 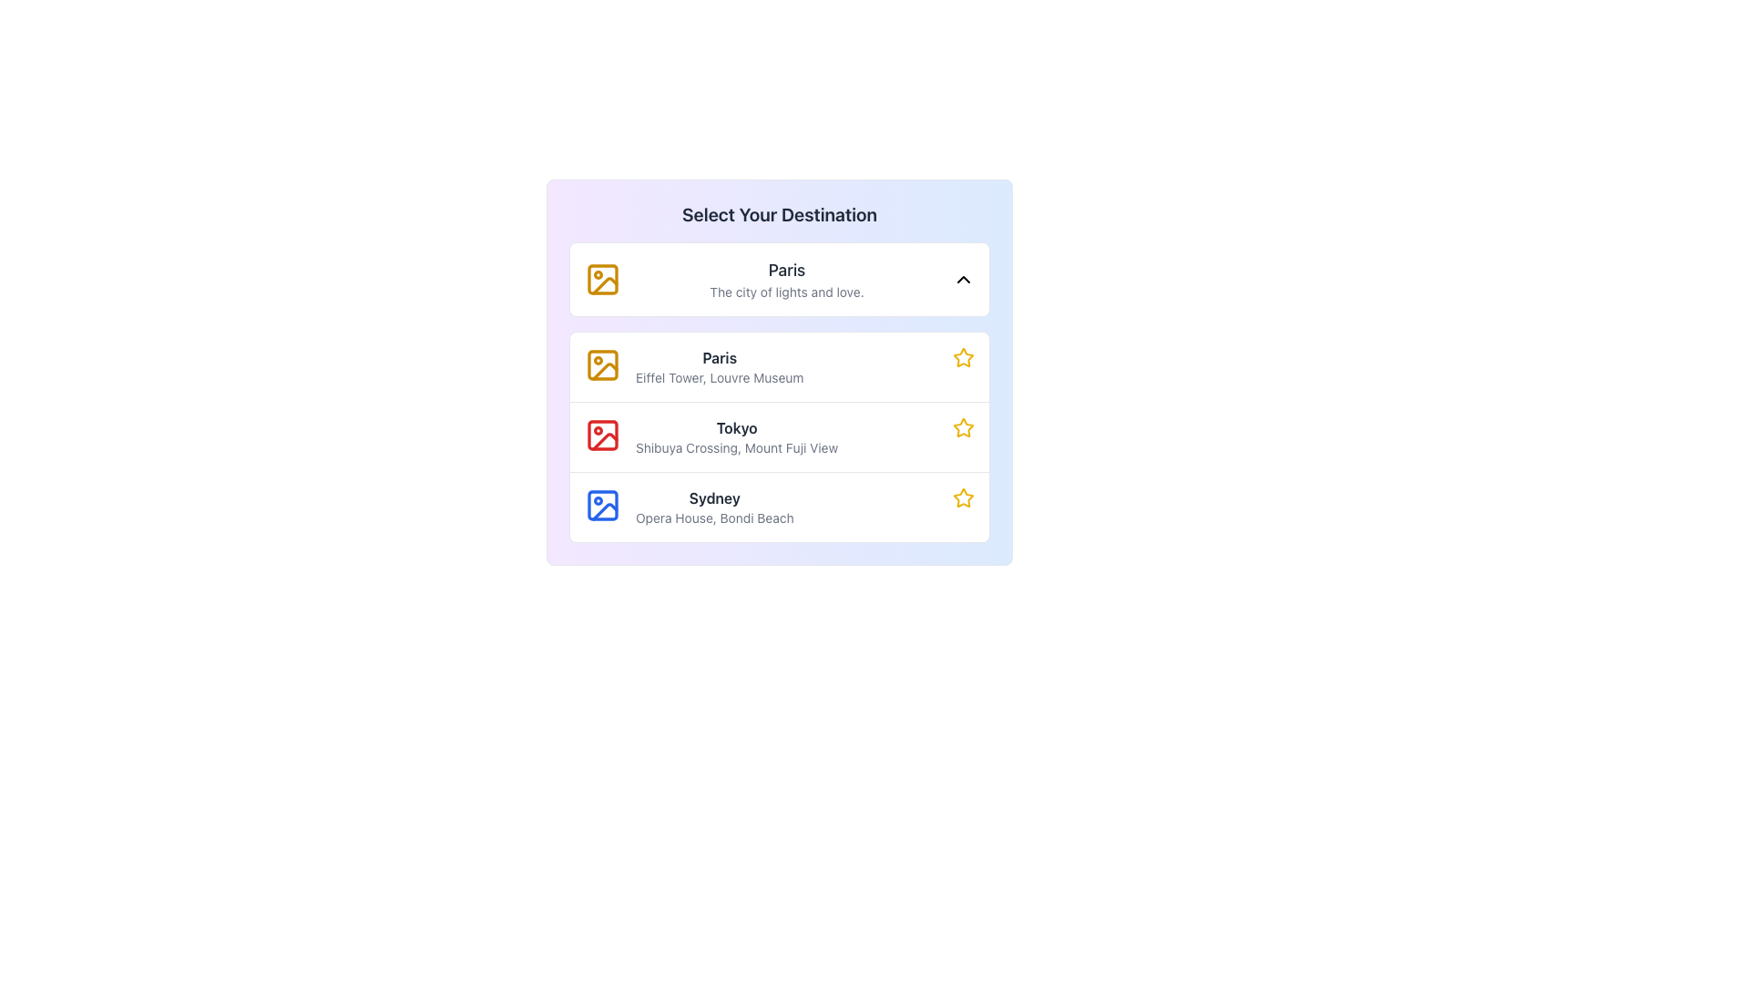 What do you see at coordinates (713, 518) in the screenshot?
I see `the text label providing additional information for the 'Sydney' list entry located under the 'Select Your Destination' header` at bounding box center [713, 518].